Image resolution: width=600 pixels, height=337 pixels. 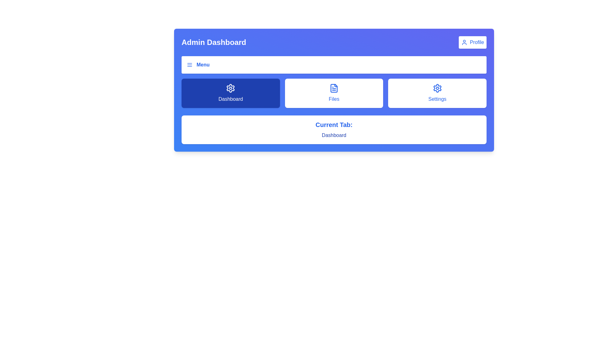 I want to click on the 'Settings' label, which is styled in a blue sans-serif font and located at the center bottom of the third card in a row of options, so click(x=437, y=99).